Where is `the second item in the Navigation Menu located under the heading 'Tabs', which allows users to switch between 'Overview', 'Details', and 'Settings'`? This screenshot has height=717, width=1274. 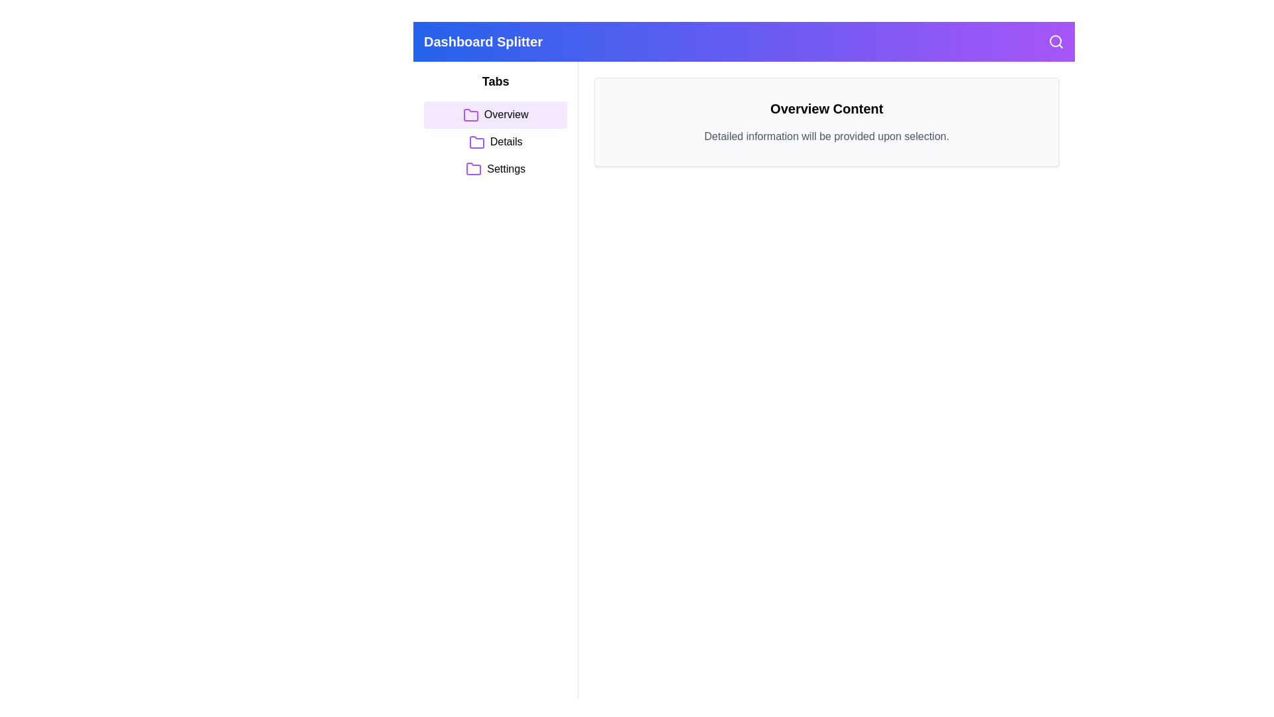
the second item in the Navigation Menu located under the heading 'Tabs', which allows users to switch between 'Overview', 'Details', and 'Settings' is located at coordinates (495, 142).